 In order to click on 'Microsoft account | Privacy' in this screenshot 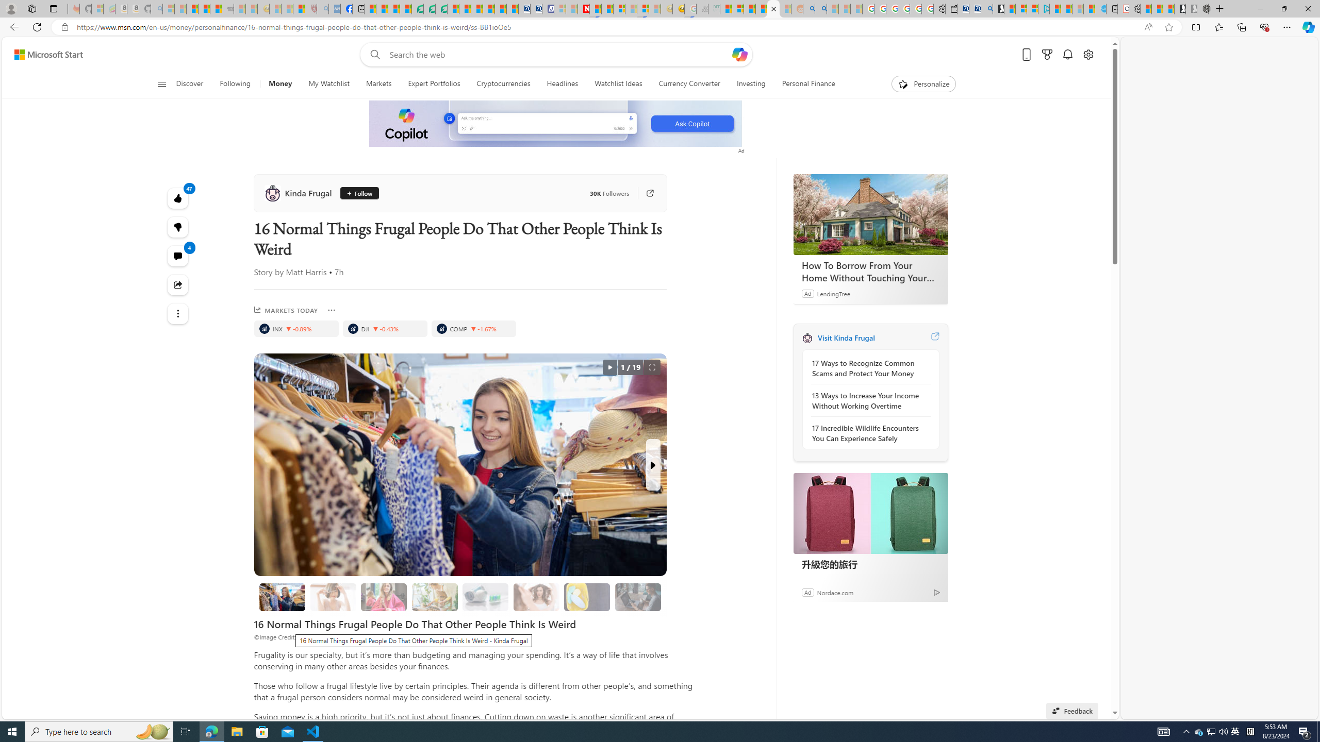, I will do `click(1032, 8)`.